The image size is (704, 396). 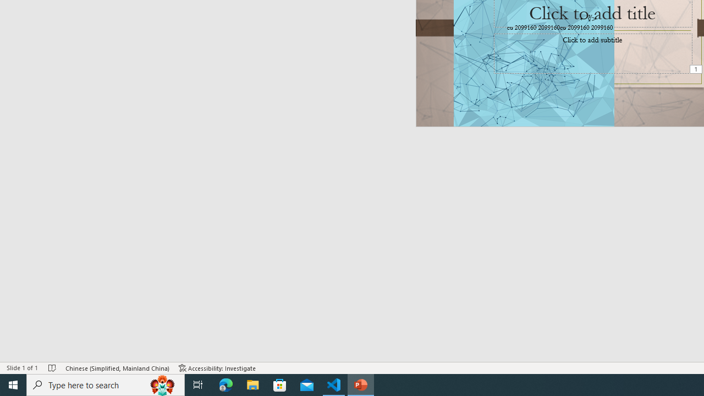 I want to click on 'TextBox 7', so click(x=588, y=18).